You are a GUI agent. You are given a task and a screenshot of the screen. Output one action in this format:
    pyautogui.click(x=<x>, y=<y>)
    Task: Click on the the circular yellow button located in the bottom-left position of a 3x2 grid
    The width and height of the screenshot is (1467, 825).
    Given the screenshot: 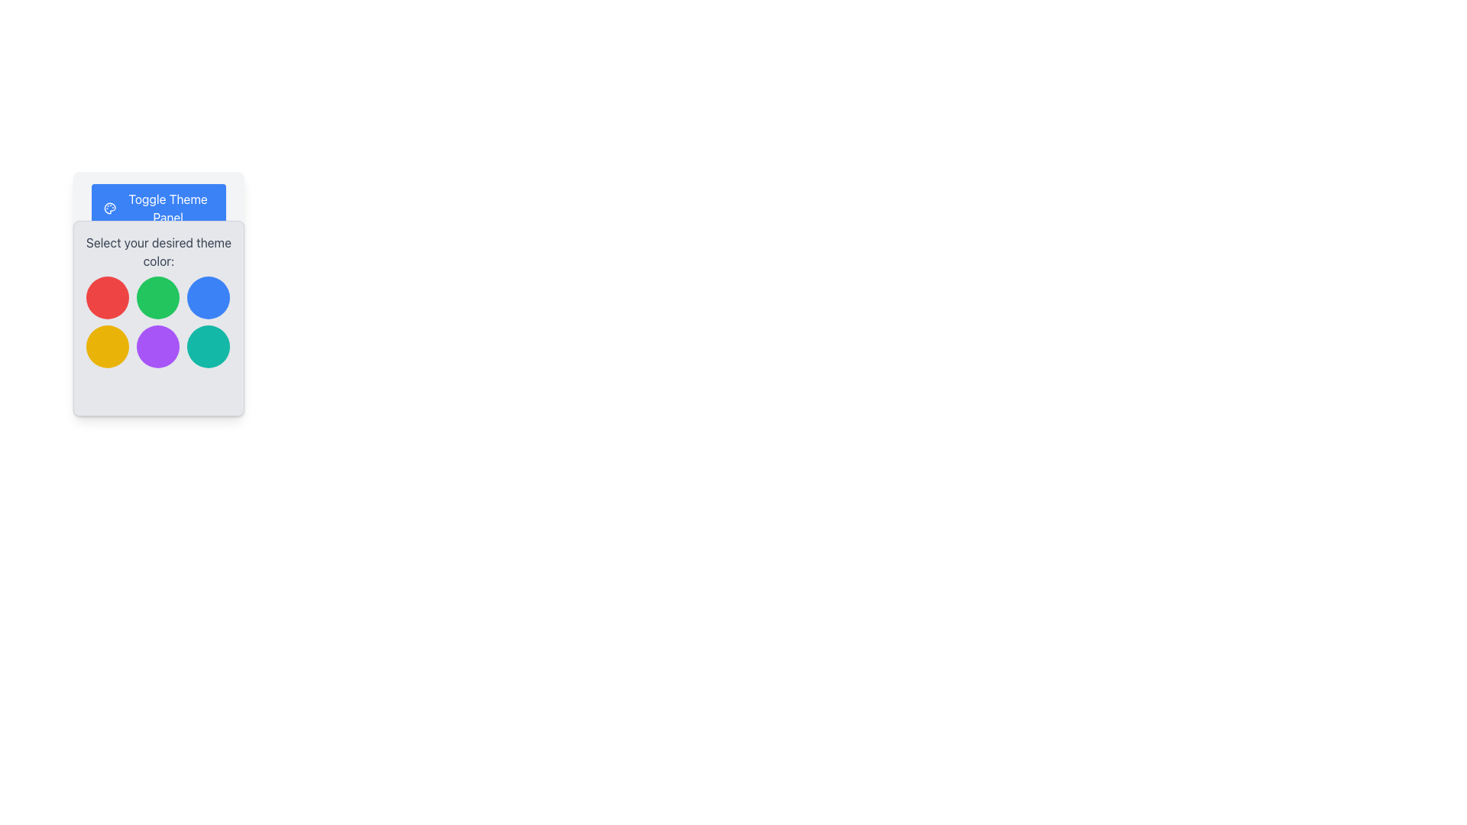 What is the action you would take?
    pyautogui.click(x=106, y=347)
    